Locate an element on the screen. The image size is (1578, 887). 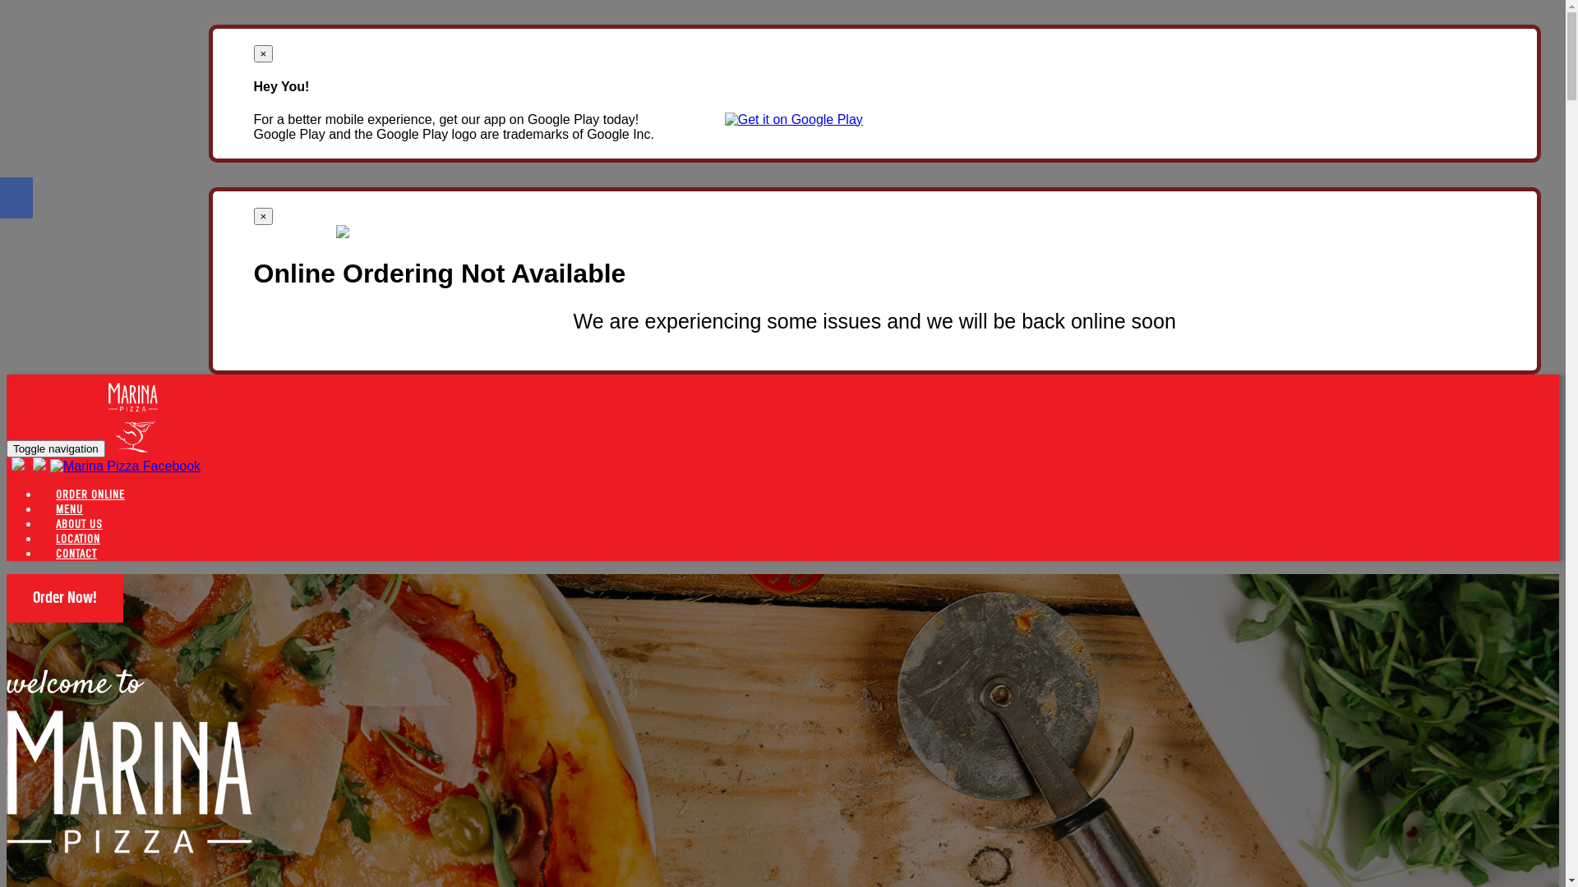
'Order Now!' is located at coordinates (7, 598).